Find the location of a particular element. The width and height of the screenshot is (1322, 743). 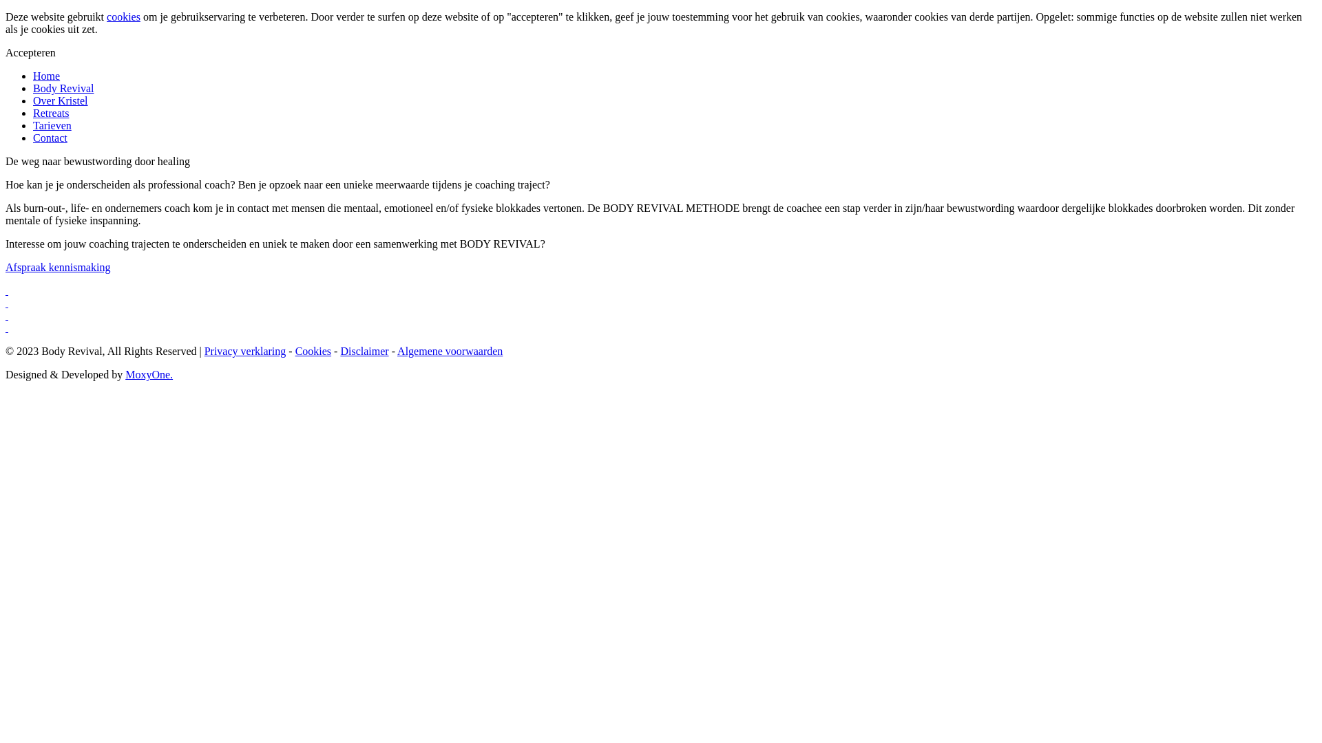

'cookies' is located at coordinates (123, 17).